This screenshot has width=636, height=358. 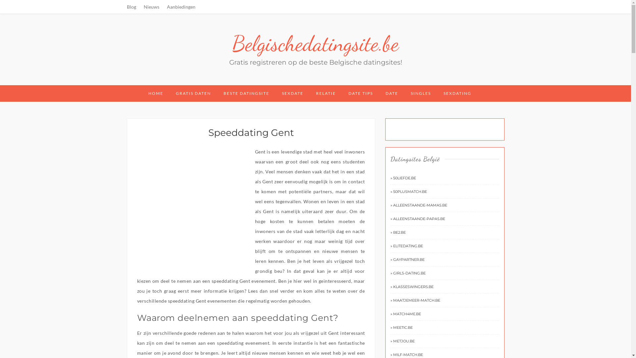 I want to click on 'DATE TIPS', so click(x=360, y=93).